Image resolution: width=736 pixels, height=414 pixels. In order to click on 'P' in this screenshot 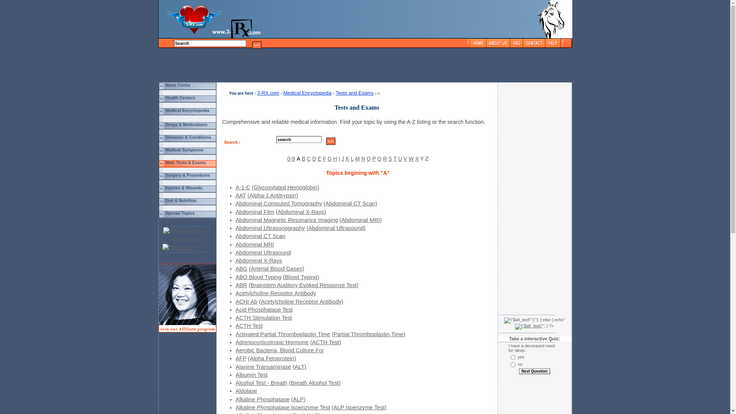, I will do `click(374, 158)`.